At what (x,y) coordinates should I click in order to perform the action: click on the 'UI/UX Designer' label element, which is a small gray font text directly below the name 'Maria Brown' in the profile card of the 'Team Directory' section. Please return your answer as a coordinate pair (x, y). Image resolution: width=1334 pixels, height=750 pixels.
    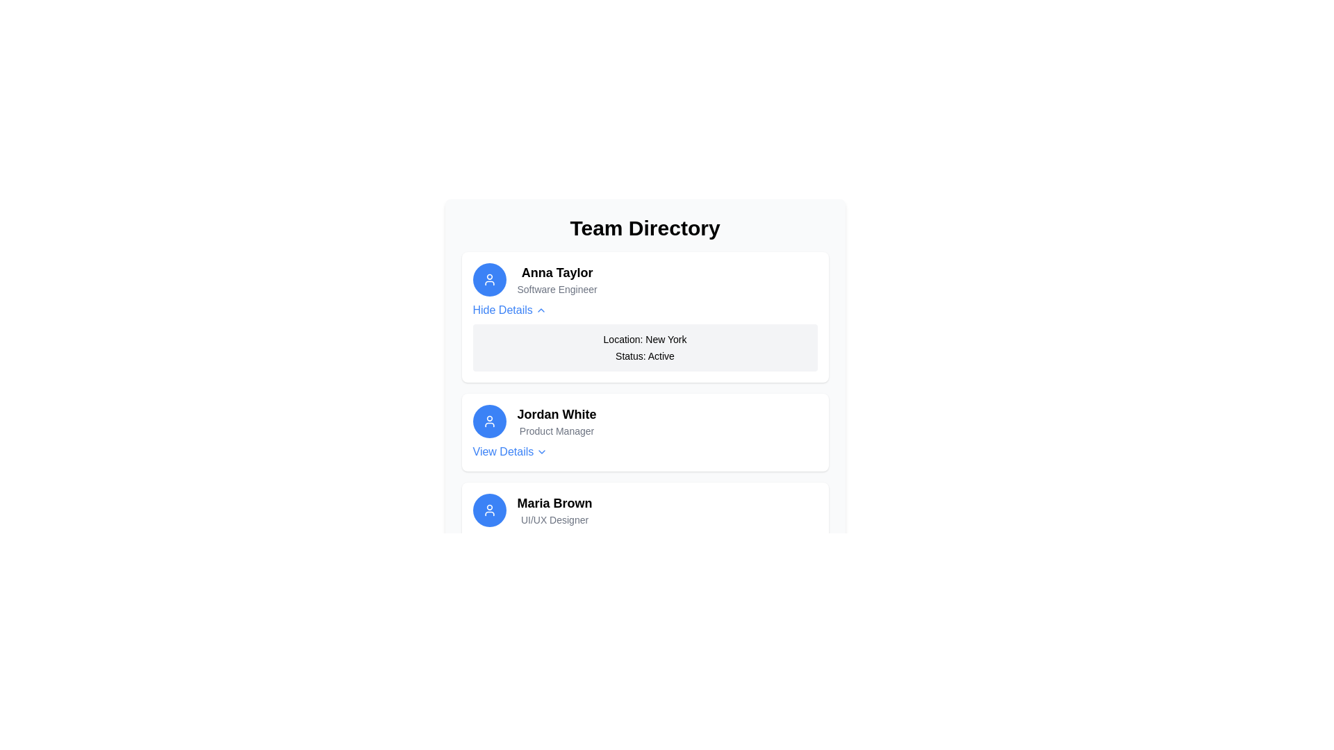
    Looking at the image, I should click on (554, 519).